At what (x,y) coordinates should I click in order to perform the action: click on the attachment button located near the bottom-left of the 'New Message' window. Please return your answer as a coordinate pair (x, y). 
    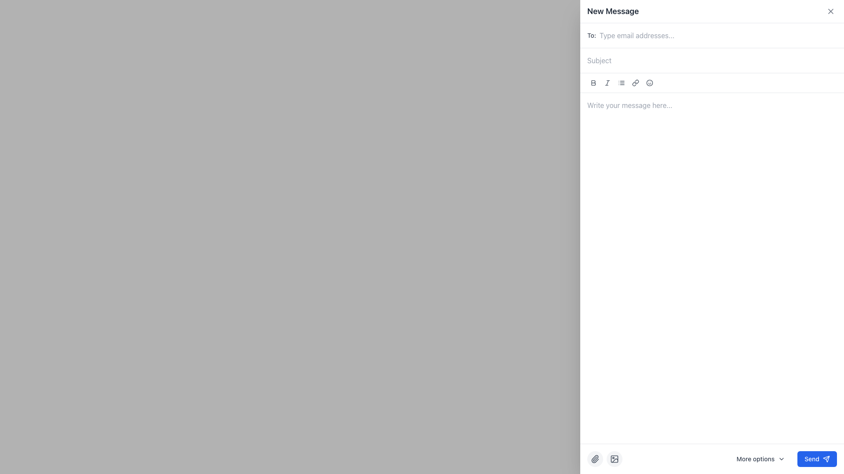
    Looking at the image, I should click on (595, 458).